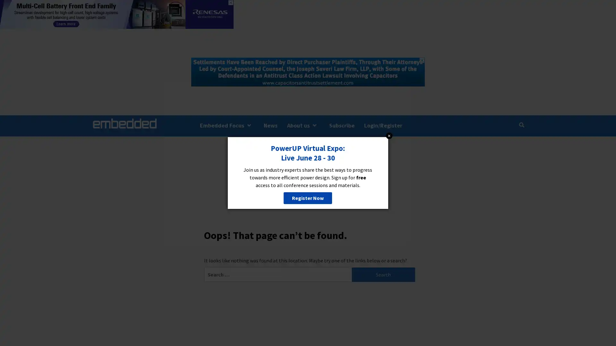 This screenshot has width=616, height=346. Describe the element at coordinates (307, 197) in the screenshot. I see `Register Now` at that location.